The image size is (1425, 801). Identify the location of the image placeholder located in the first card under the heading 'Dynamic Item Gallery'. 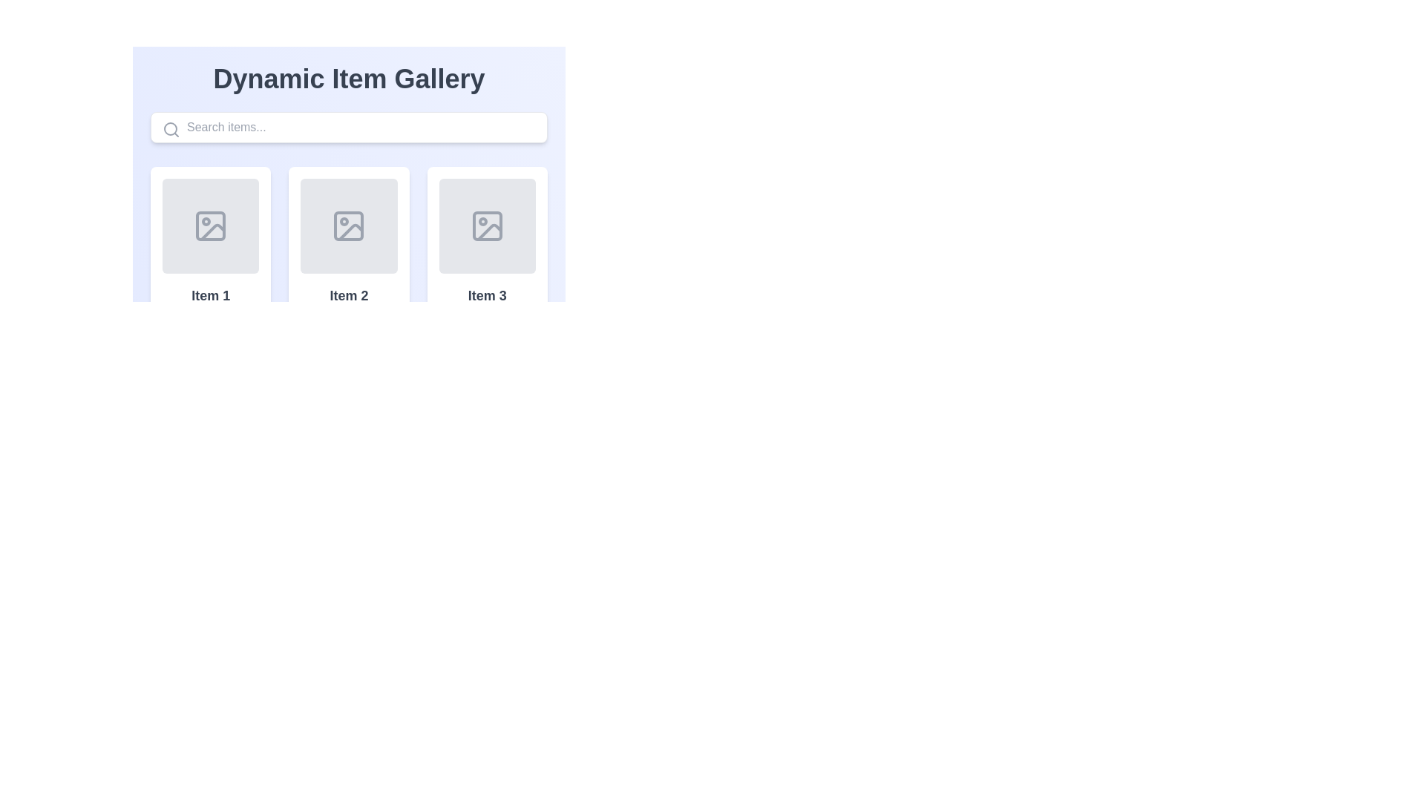
(210, 225).